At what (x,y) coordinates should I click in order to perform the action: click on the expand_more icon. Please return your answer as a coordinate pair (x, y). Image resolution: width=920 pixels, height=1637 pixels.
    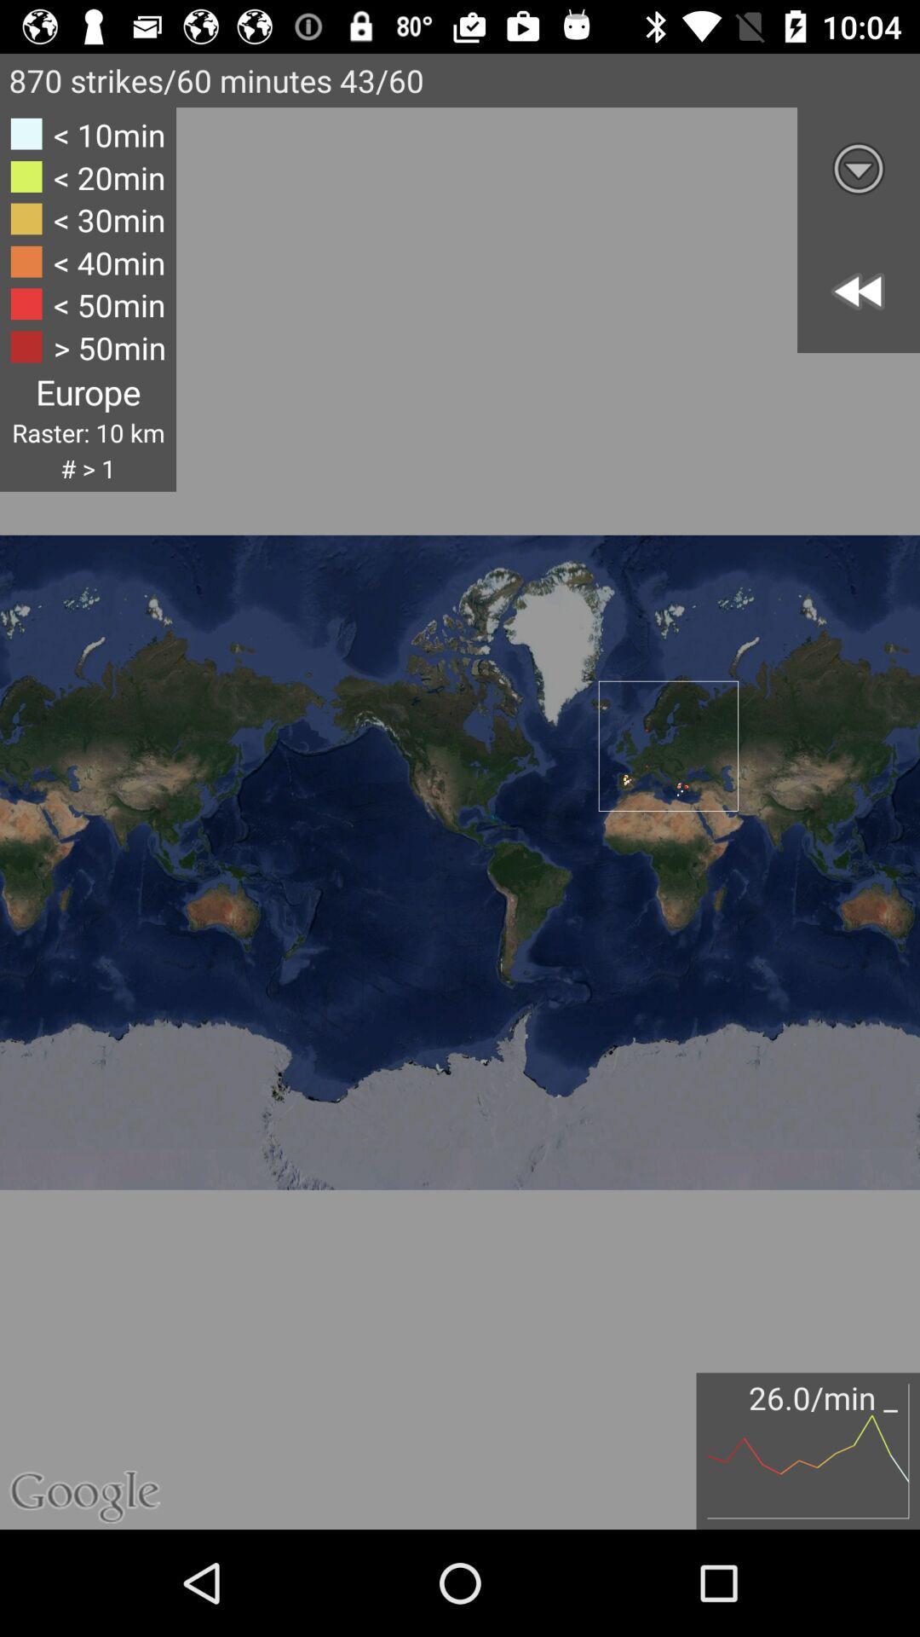
    Looking at the image, I should click on (858, 168).